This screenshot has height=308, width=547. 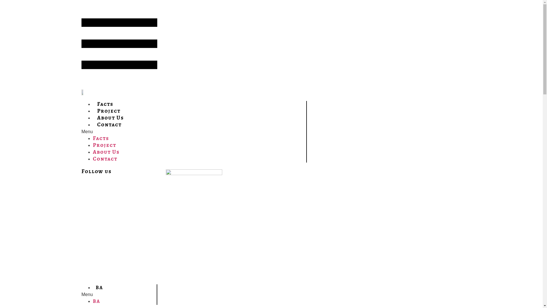 I want to click on 'About Us', so click(x=106, y=151).